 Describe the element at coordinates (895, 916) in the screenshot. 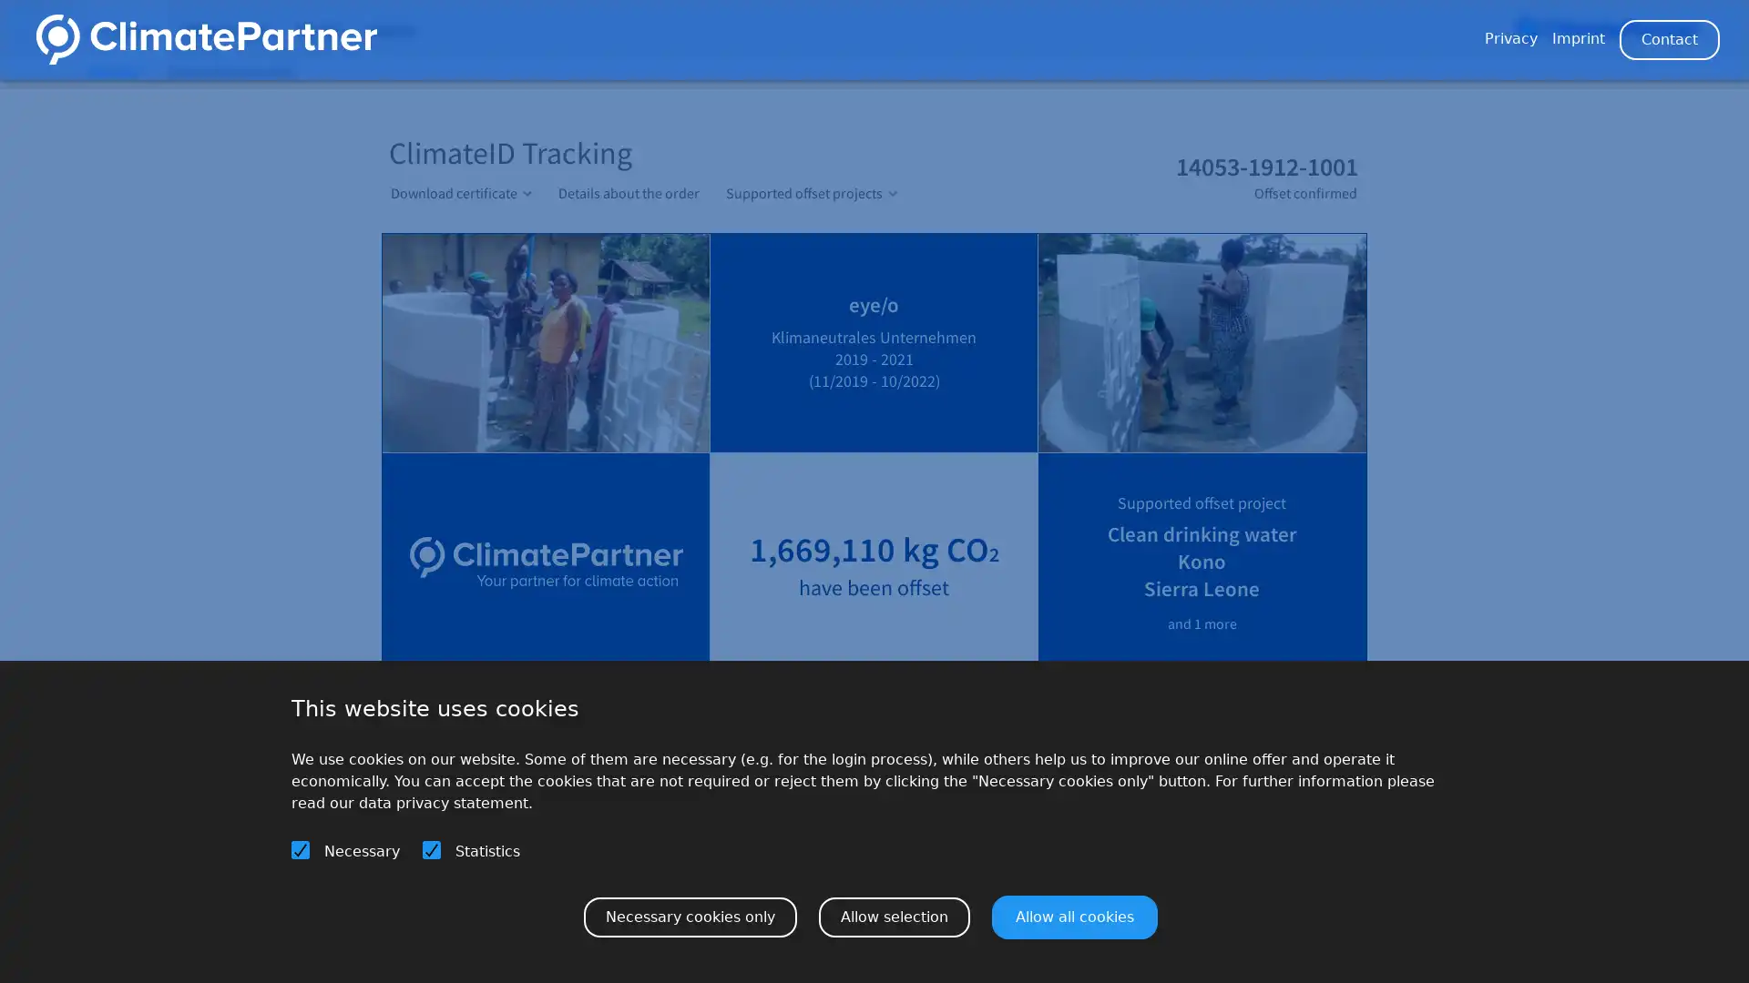

I see `Allow selection` at that location.